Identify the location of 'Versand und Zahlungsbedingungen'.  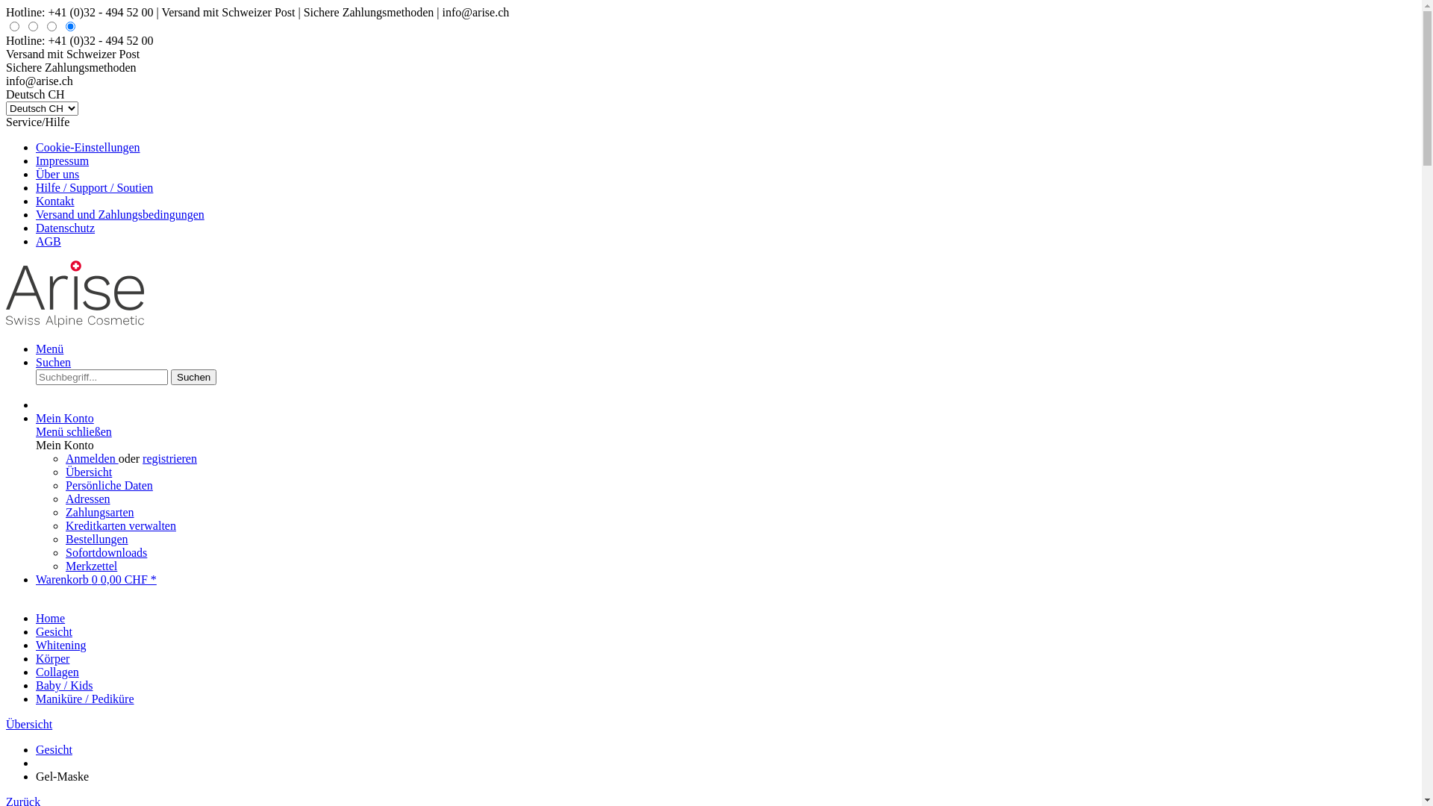
(120, 214).